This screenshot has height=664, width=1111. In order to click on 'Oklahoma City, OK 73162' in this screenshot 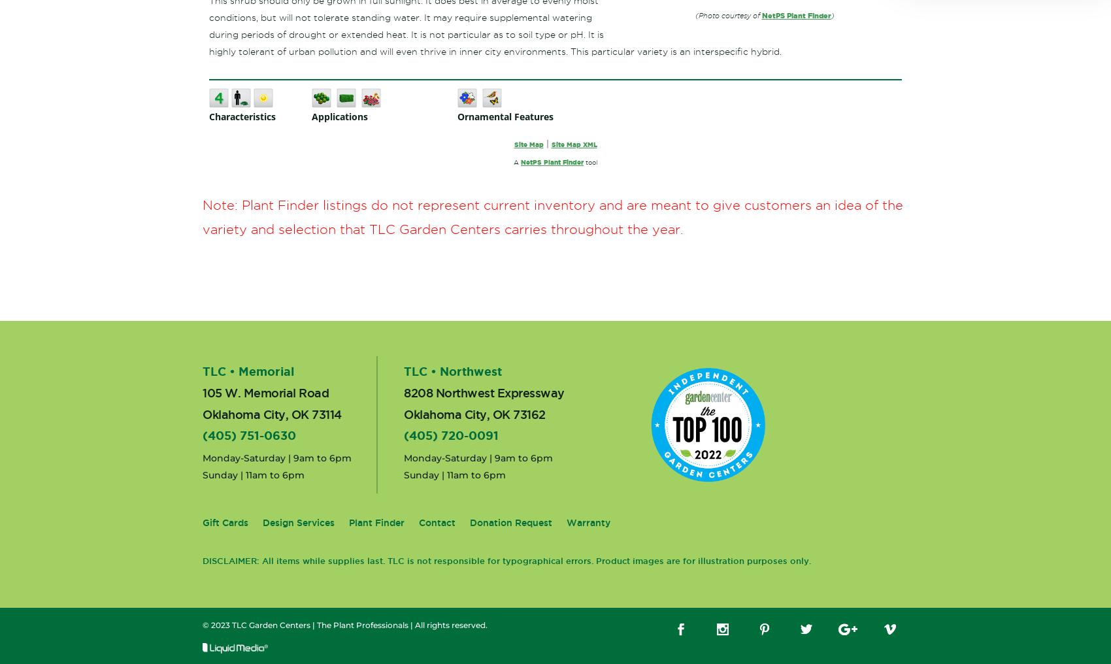, I will do `click(474, 414)`.